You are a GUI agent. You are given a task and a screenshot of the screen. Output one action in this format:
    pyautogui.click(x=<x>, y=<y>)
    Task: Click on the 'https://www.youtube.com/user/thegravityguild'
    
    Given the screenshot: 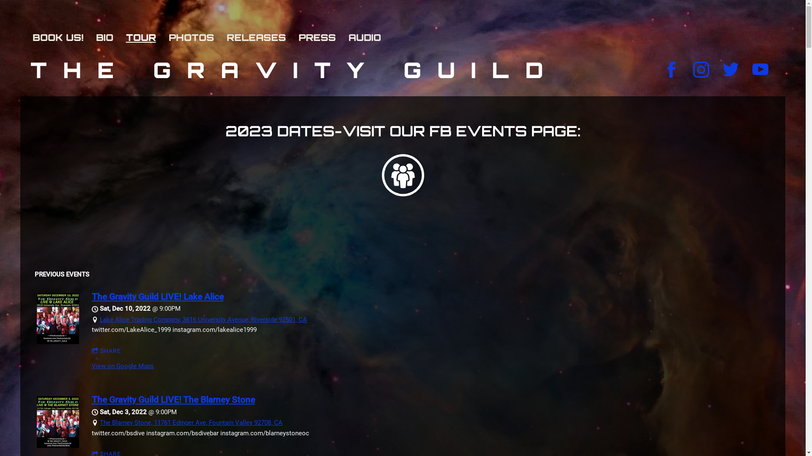 What is the action you would take?
    pyautogui.click(x=752, y=69)
    